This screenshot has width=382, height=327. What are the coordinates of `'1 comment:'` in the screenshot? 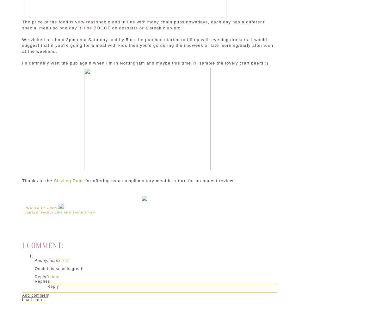 It's located at (42, 245).